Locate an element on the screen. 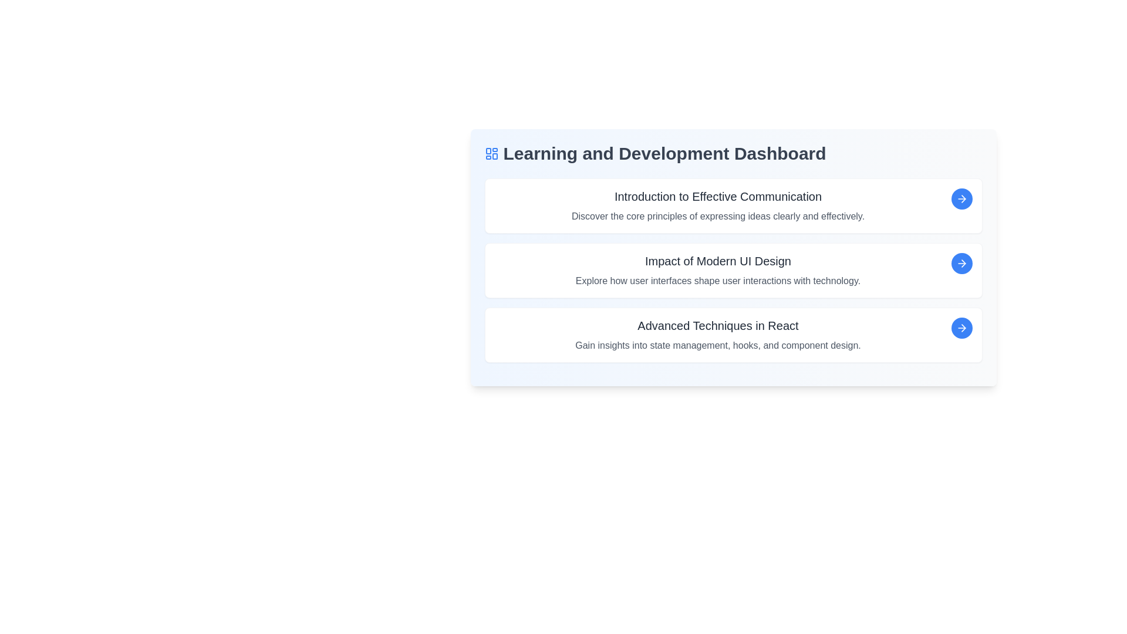 This screenshot has width=1127, height=634. the button located at the top-right corner of the 'Introduction to Effective Communication' card is located at coordinates (961, 198).